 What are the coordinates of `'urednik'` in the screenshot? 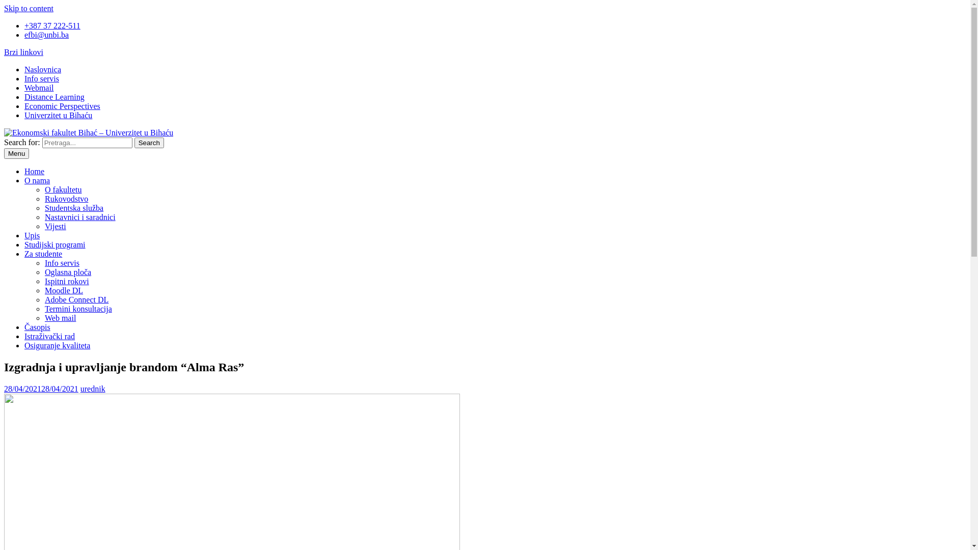 It's located at (80, 389).